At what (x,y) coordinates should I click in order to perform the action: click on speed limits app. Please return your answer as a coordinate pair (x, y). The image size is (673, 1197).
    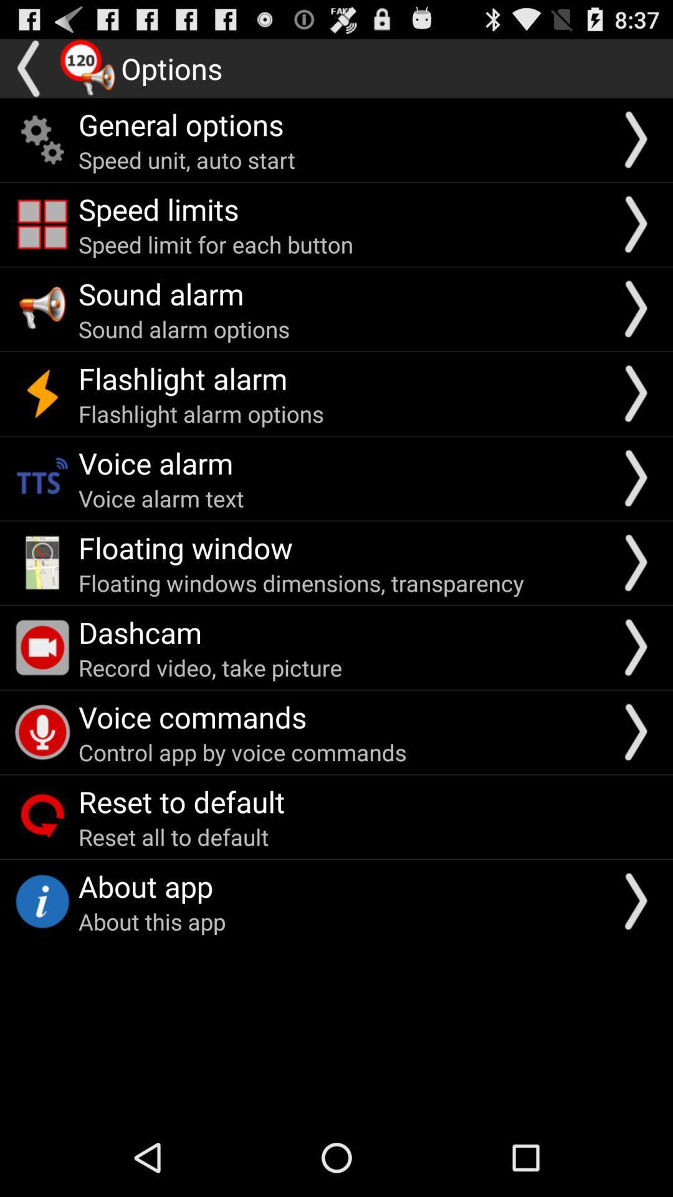
    Looking at the image, I should click on (158, 209).